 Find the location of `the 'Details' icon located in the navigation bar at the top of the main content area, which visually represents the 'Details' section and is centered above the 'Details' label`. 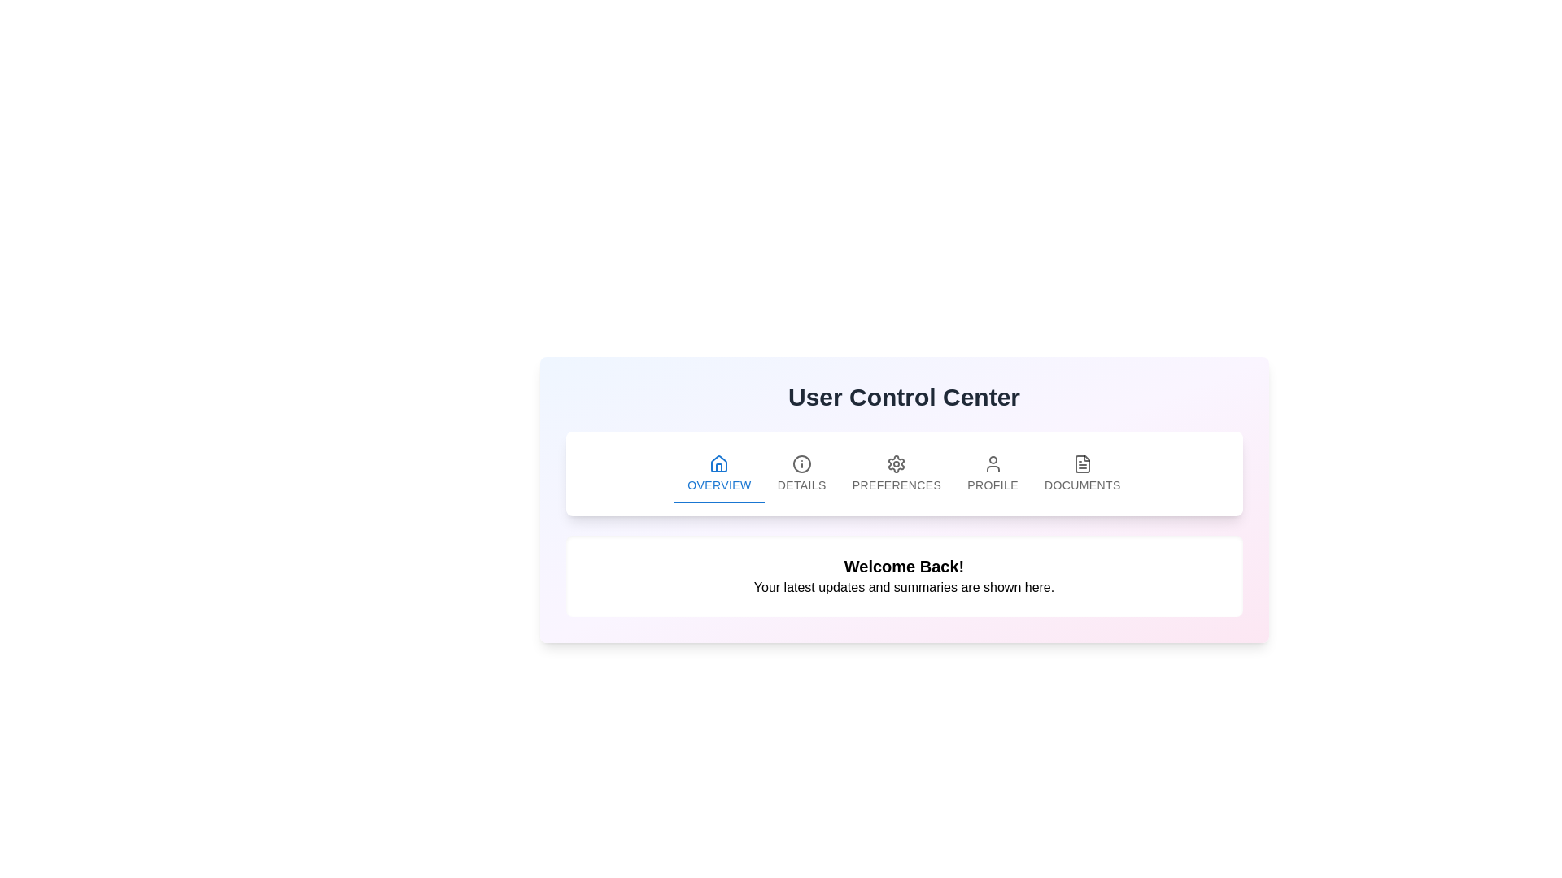

the 'Details' icon located in the navigation bar at the top of the main content area, which visually represents the 'Details' section and is centered above the 'Details' label is located at coordinates (801, 464).